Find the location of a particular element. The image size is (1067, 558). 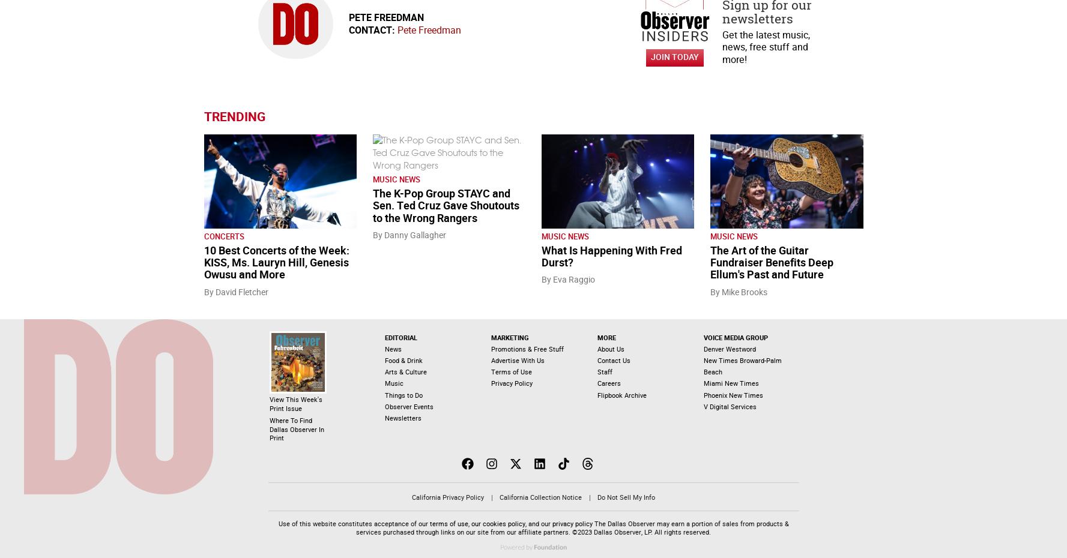

'privacy policy' is located at coordinates (572, 524).